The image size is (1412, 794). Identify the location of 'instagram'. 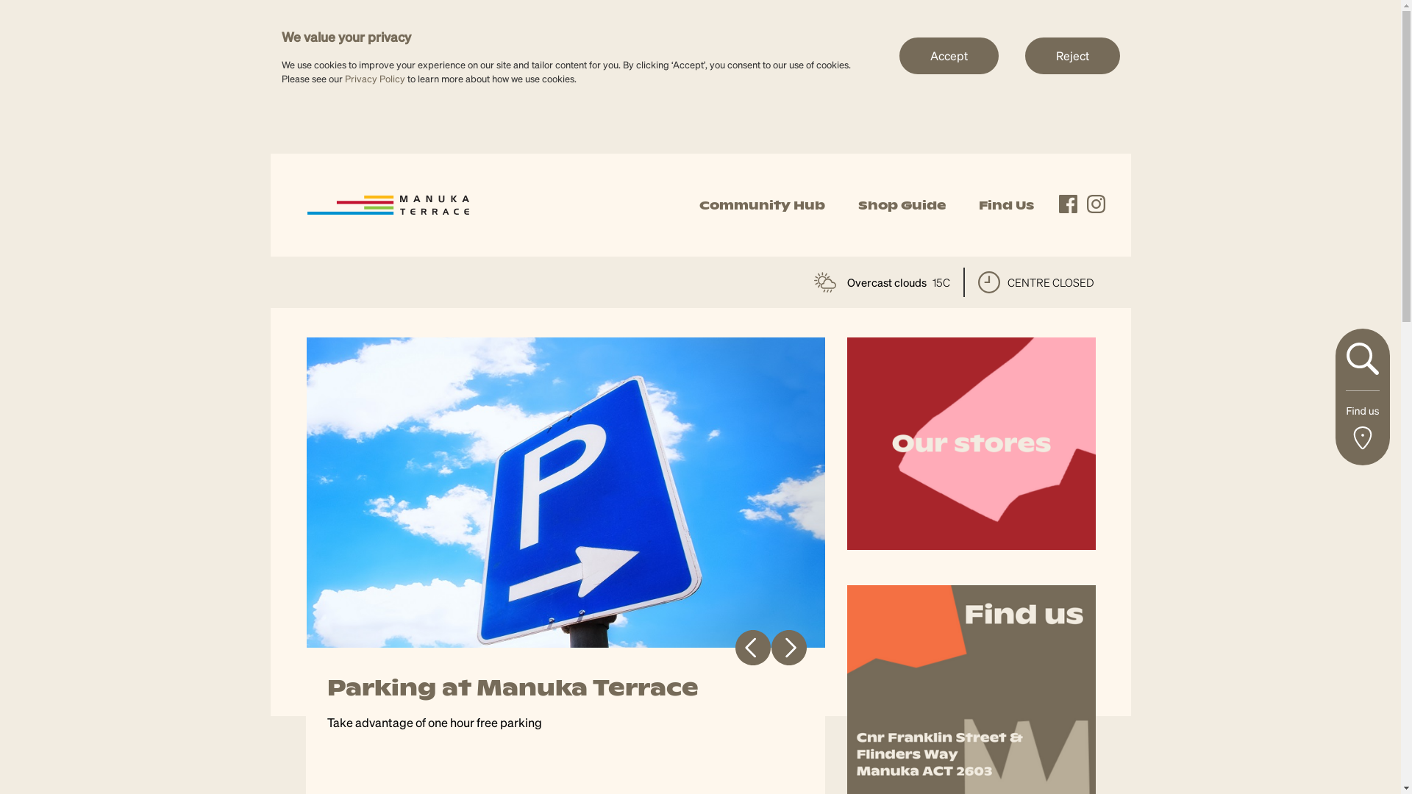
(1096, 204).